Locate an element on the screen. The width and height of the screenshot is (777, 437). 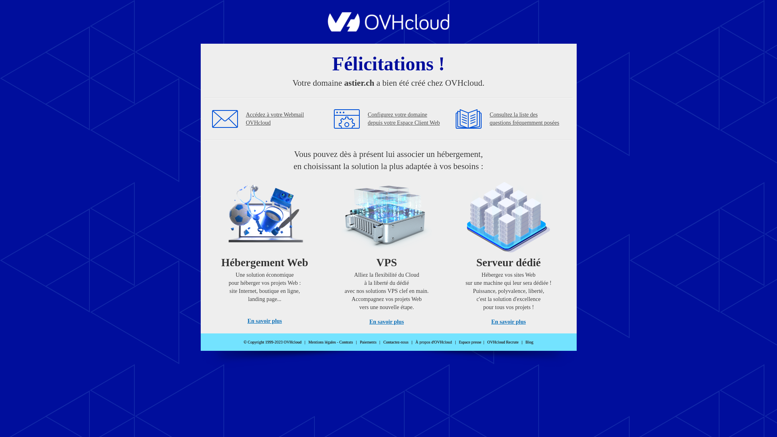
'VPS' is located at coordinates (386, 250).